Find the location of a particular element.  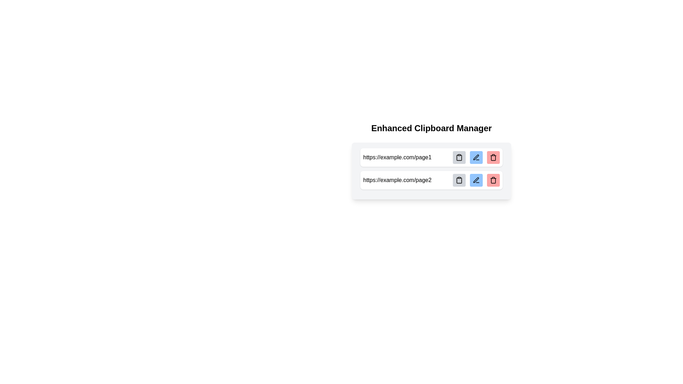

the static text element displaying a URL, located in the first row of a list, on the left side adjacent to interactive icon buttons is located at coordinates (397, 157).